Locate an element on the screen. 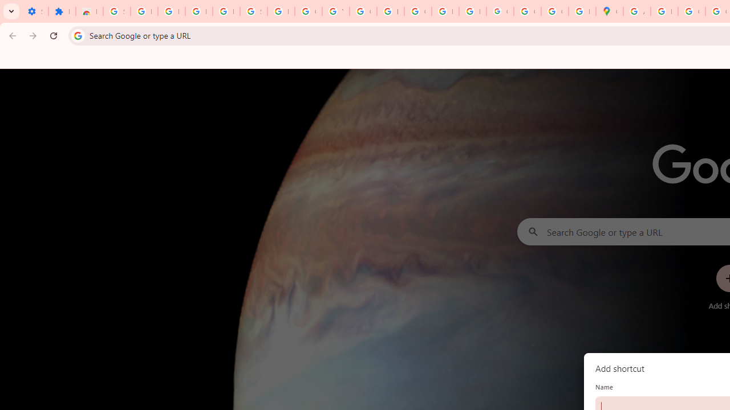 The height and width of the screenshot is (410, 730). 'YouTube' is located at coordinates (335, 11).